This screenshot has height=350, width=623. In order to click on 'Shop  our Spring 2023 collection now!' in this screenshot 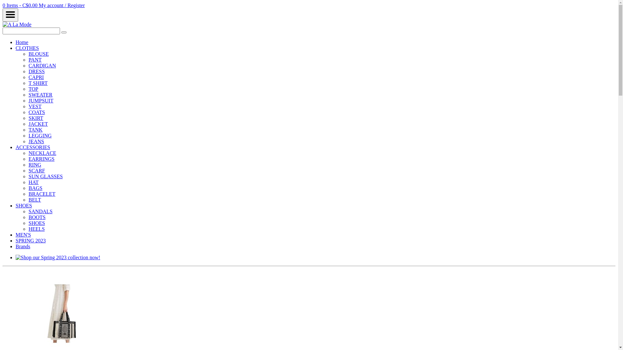, I will do `click(58, 257)`.